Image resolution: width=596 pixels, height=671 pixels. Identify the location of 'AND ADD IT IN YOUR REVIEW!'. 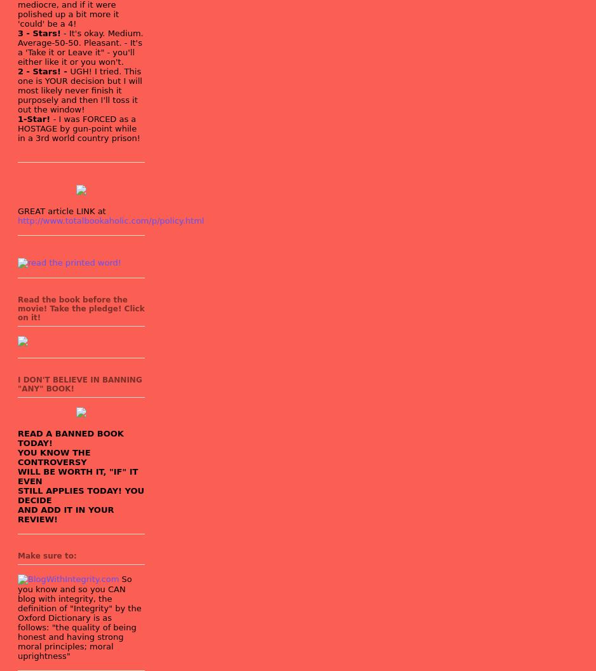
(65, 514).